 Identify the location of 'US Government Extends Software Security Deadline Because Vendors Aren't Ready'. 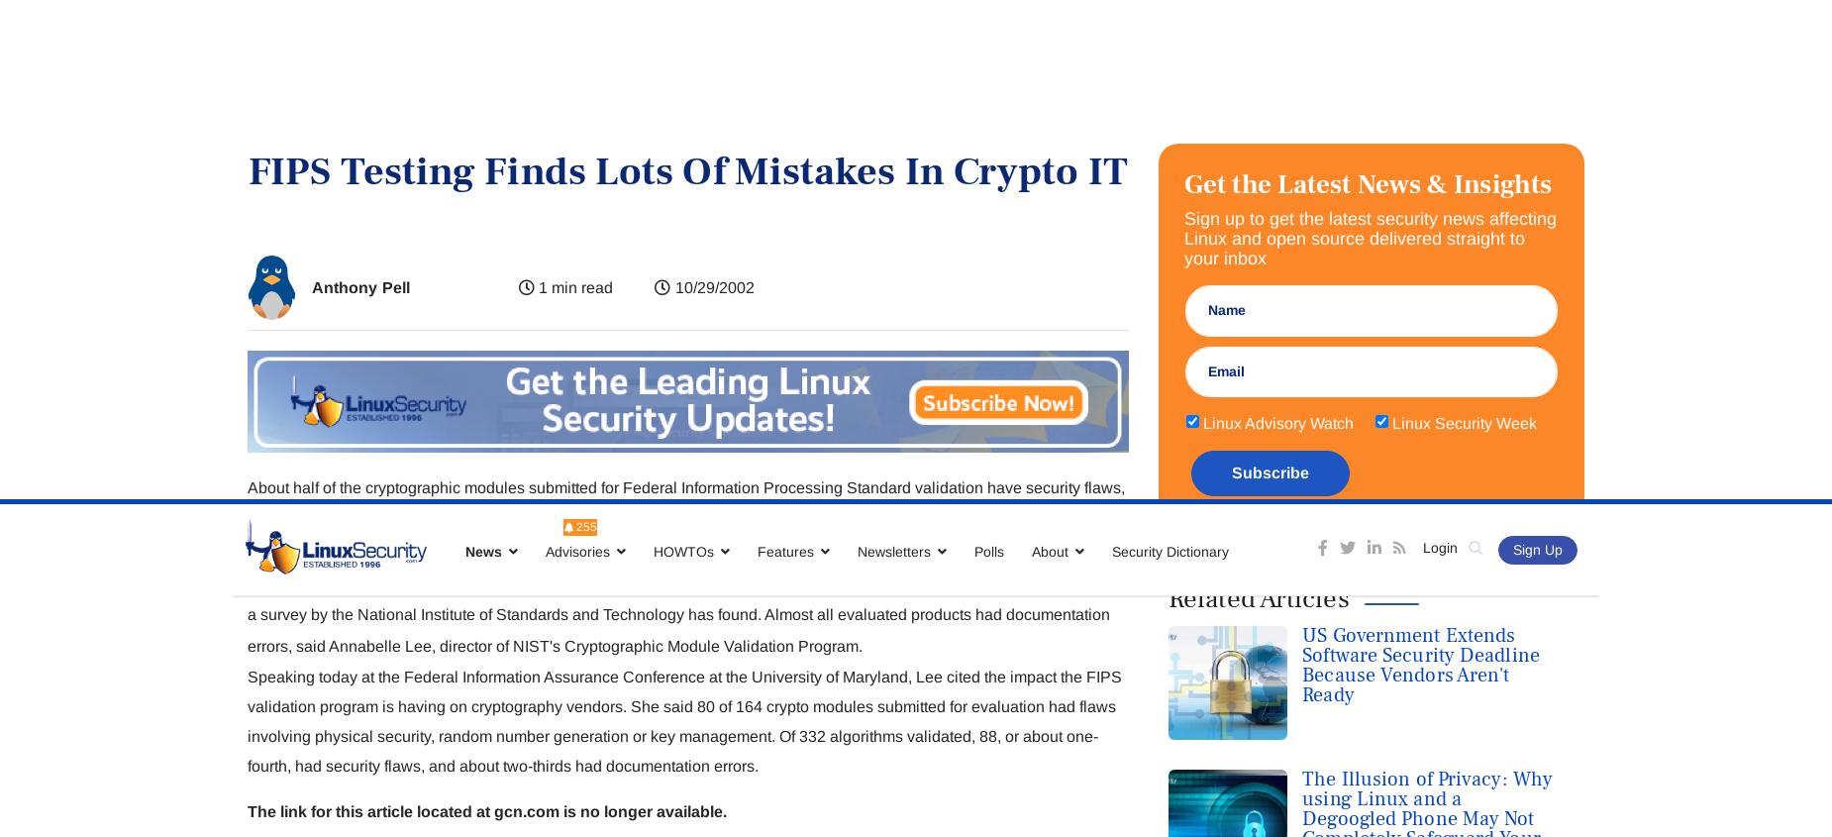
(1300, 165).